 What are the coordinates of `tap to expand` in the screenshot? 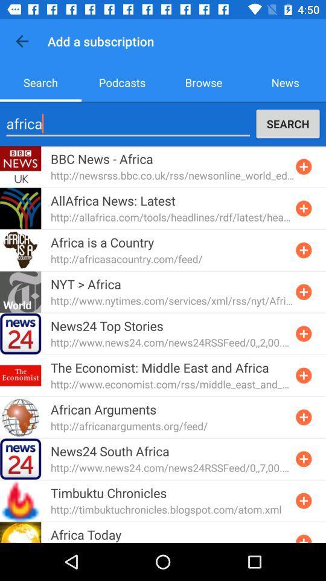 It's located at (303, 208).